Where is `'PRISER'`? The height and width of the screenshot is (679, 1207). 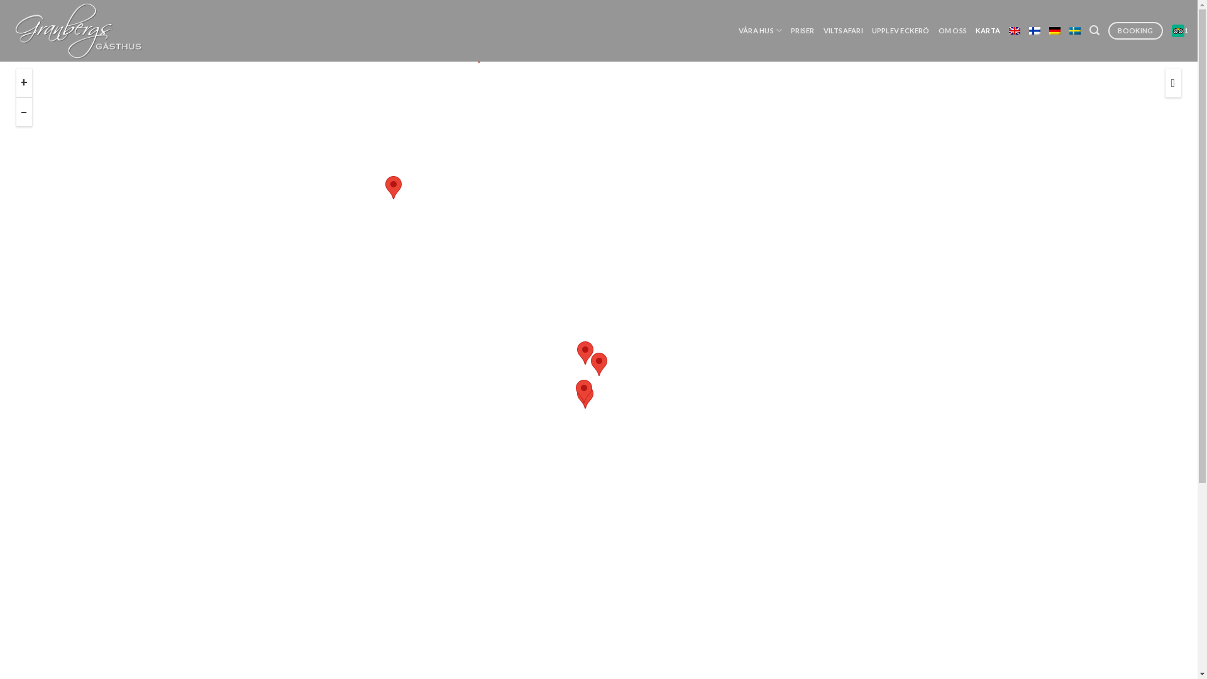
'PRISER' is located at coordinates (802, 30).